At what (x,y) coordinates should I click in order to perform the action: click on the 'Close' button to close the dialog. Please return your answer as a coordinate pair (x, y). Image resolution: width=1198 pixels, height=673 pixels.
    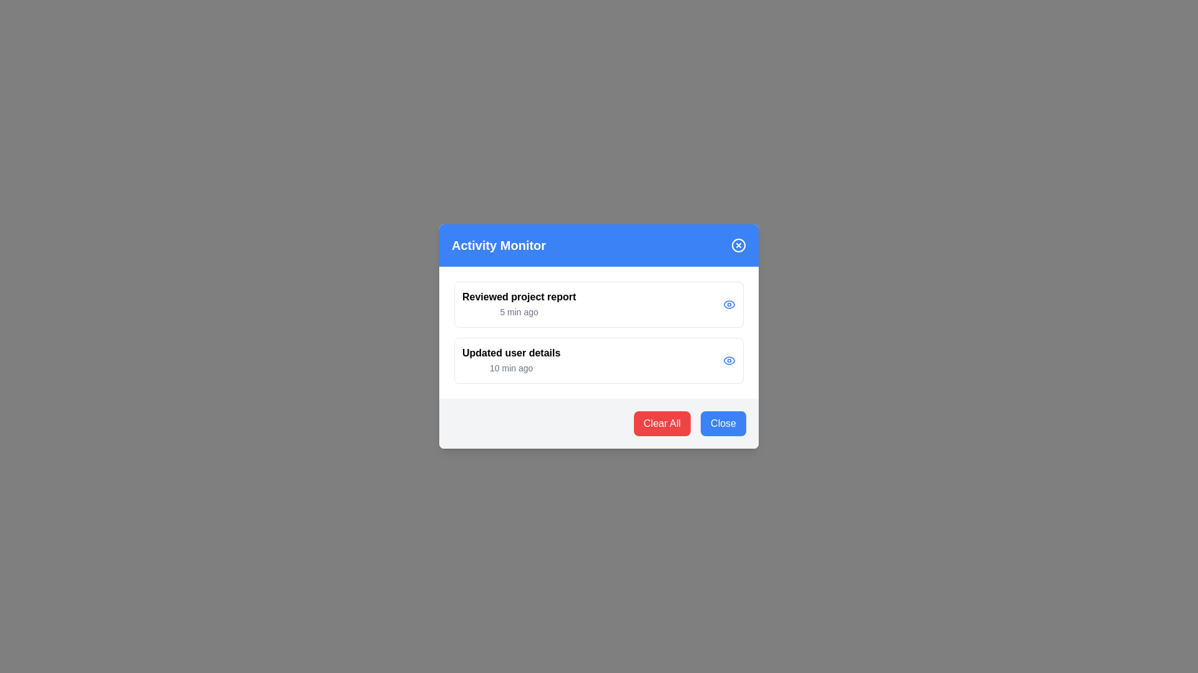
    Looking at the image, I should click on (723, 422).